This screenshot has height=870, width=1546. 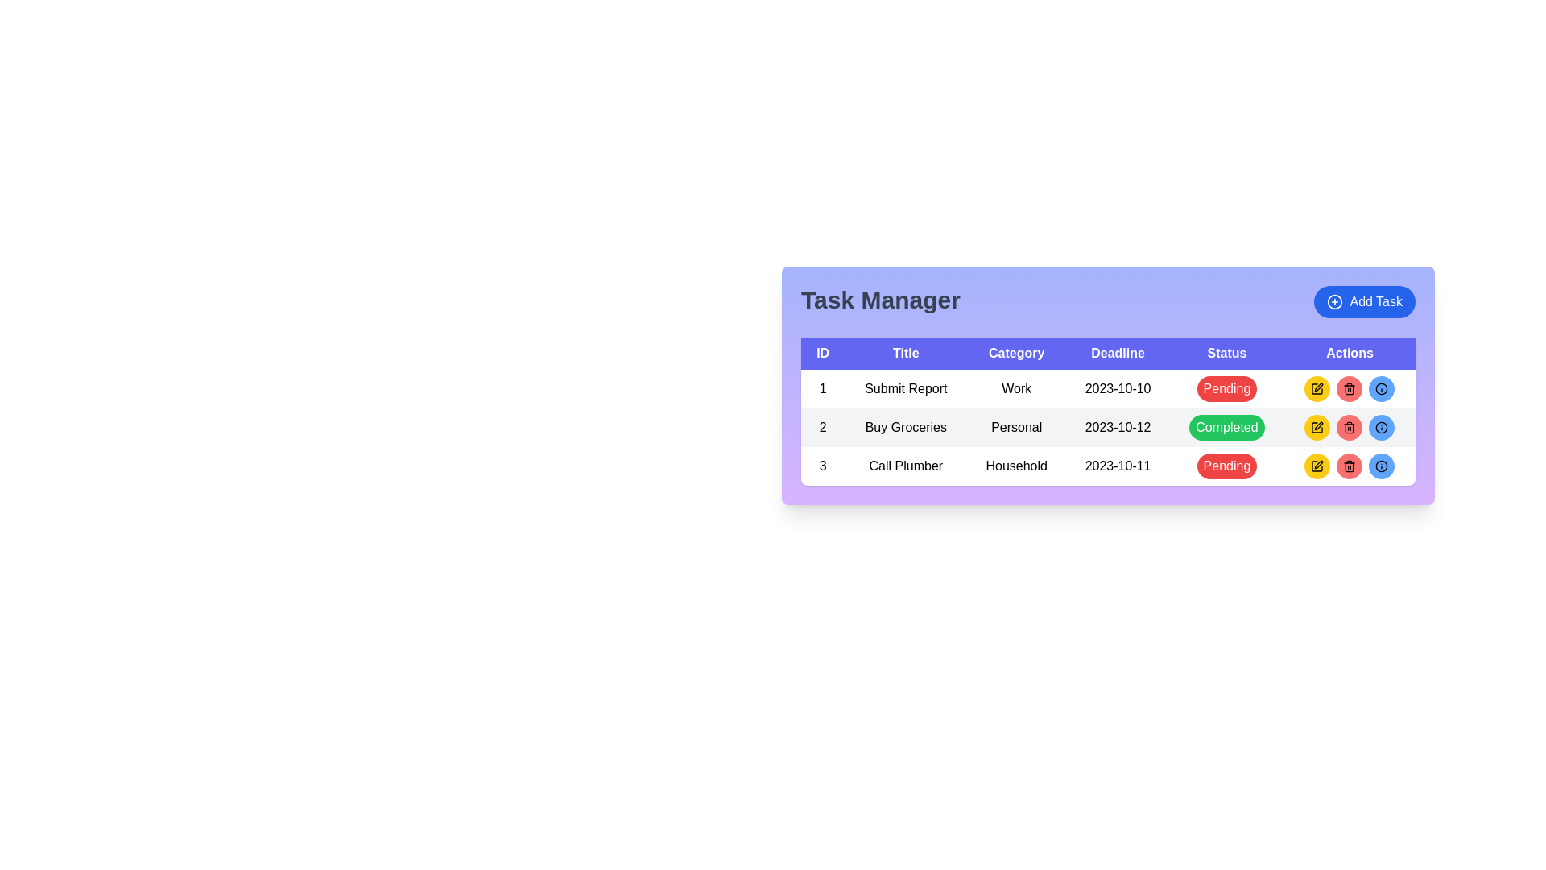 I want to click on the circular yellow button with a black border and a pen icon in the 'Actions' column for the third row of the task table titled 'Call Plumber' to initiate editing, so click(x=1317, y=466).